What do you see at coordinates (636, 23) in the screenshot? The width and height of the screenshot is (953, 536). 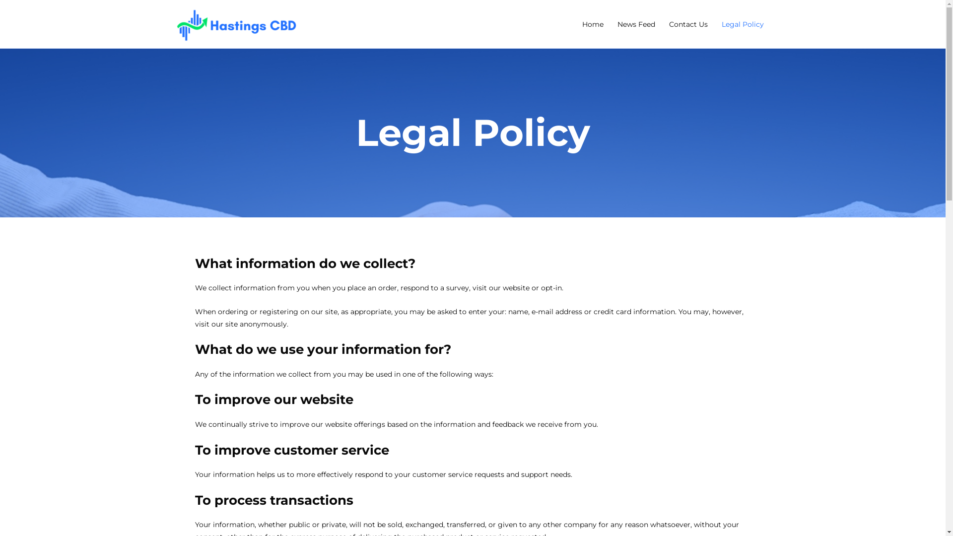 I see `'News Feed'` at bounding box center [636, 23].